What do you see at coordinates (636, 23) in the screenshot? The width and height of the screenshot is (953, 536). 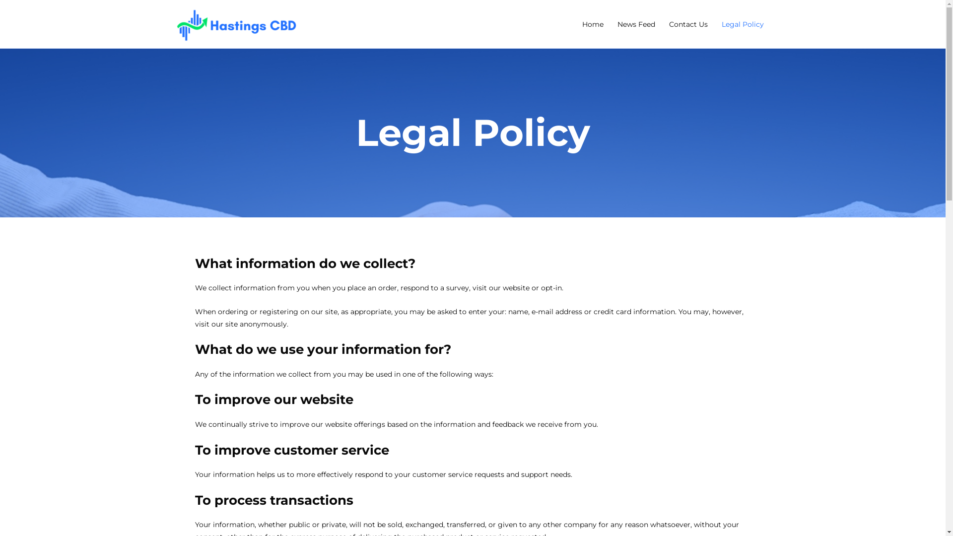 I see `'News Feed'` at bounding box center [636, 23].